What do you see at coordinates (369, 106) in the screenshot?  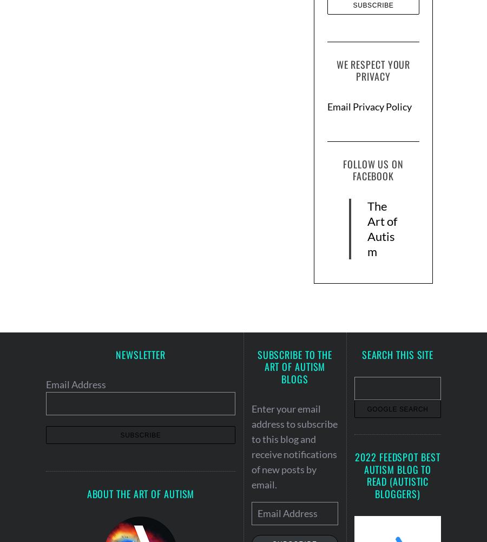 I see `'Email Privacy Policy'` at bounding box center [369, 106].